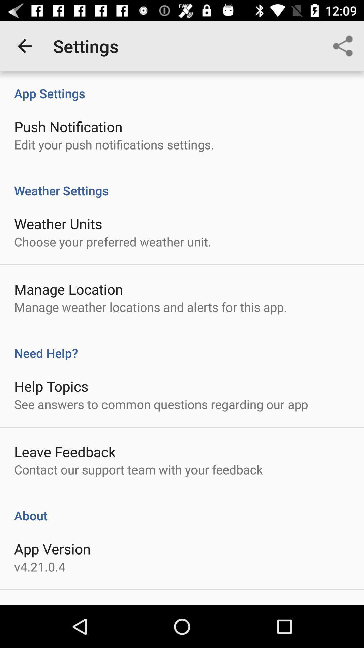  I want to click on icon next to the settings  icon, so click(24, 46).